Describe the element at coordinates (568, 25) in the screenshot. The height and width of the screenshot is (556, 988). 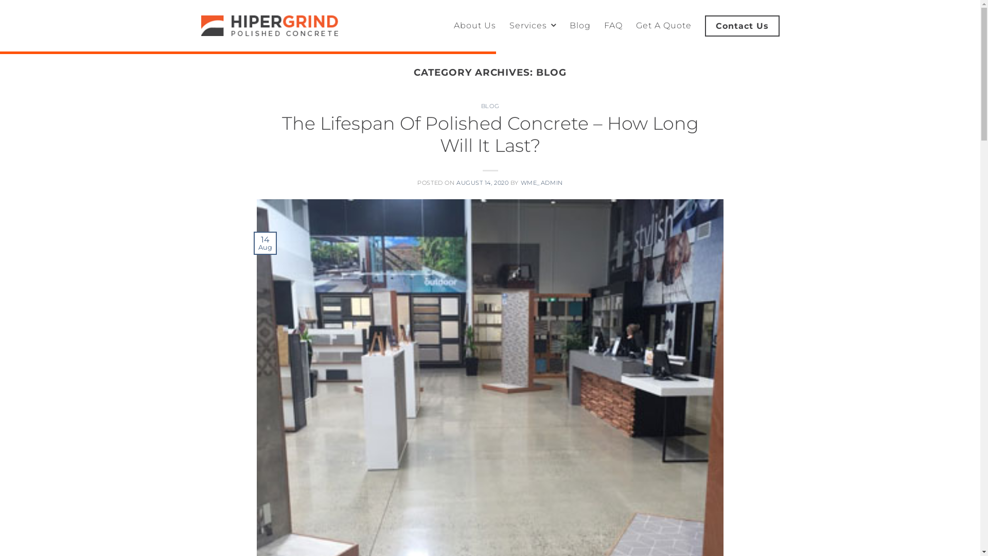
I see `'Blog'` at that location.